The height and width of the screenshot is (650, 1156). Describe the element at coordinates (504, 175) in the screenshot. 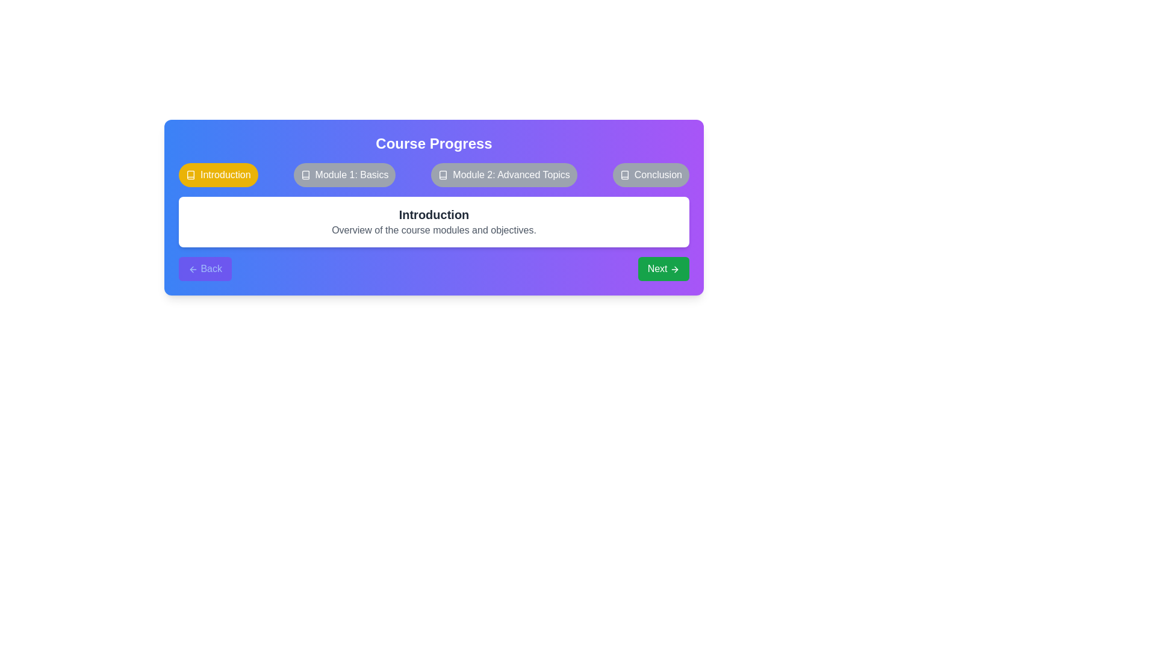

I see `the course step Module 2: Advanced Topics by clicking on its associated button` at that location.